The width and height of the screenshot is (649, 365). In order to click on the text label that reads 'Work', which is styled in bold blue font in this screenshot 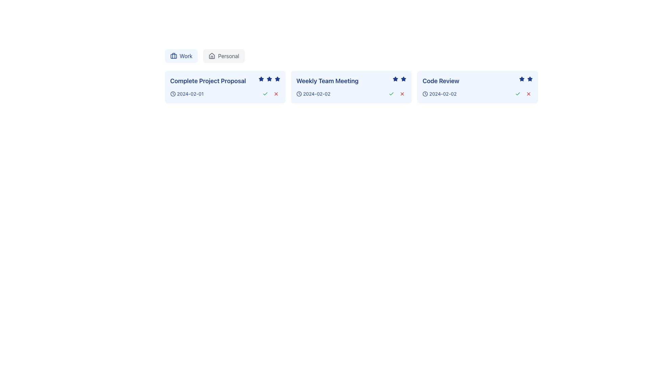, I will do `click(186, 55)`.